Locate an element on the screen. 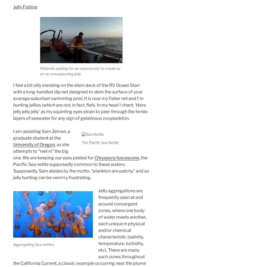 The image size is (261, 267). 'Aggregating Sea nettles' is located at coordinates (13, 244).